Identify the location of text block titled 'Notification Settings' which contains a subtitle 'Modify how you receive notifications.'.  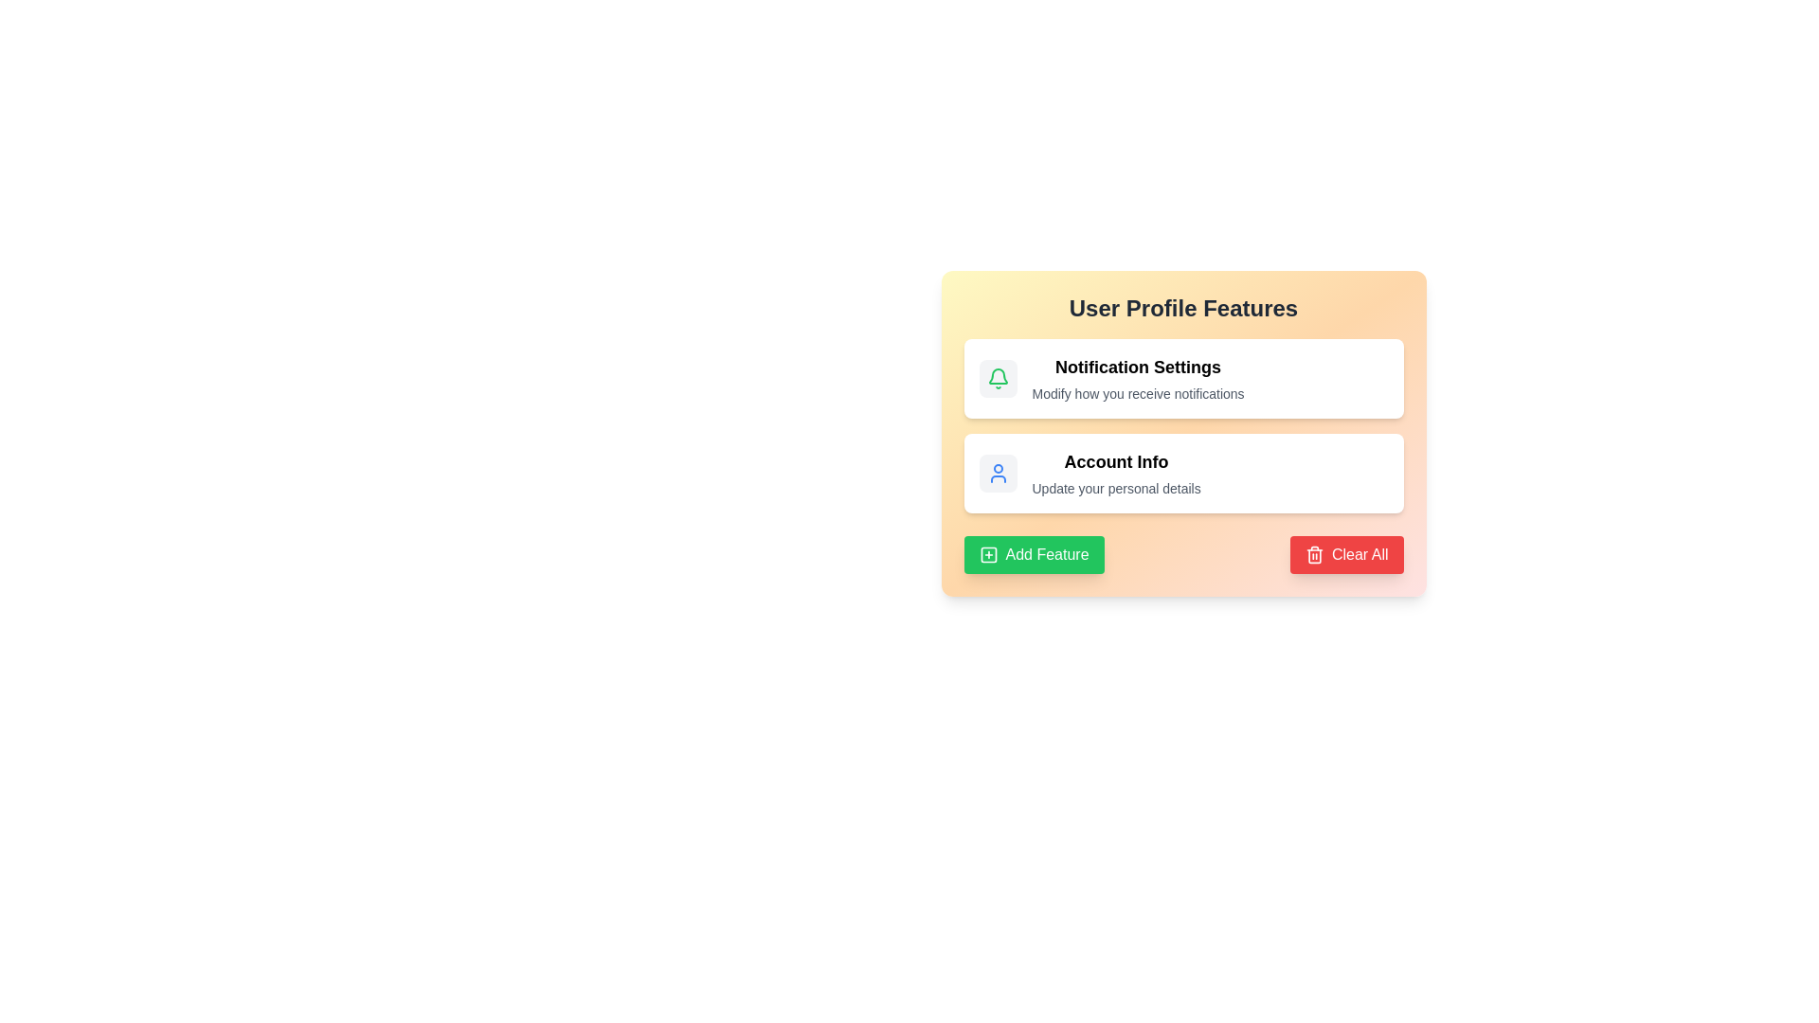
(1137, 379).